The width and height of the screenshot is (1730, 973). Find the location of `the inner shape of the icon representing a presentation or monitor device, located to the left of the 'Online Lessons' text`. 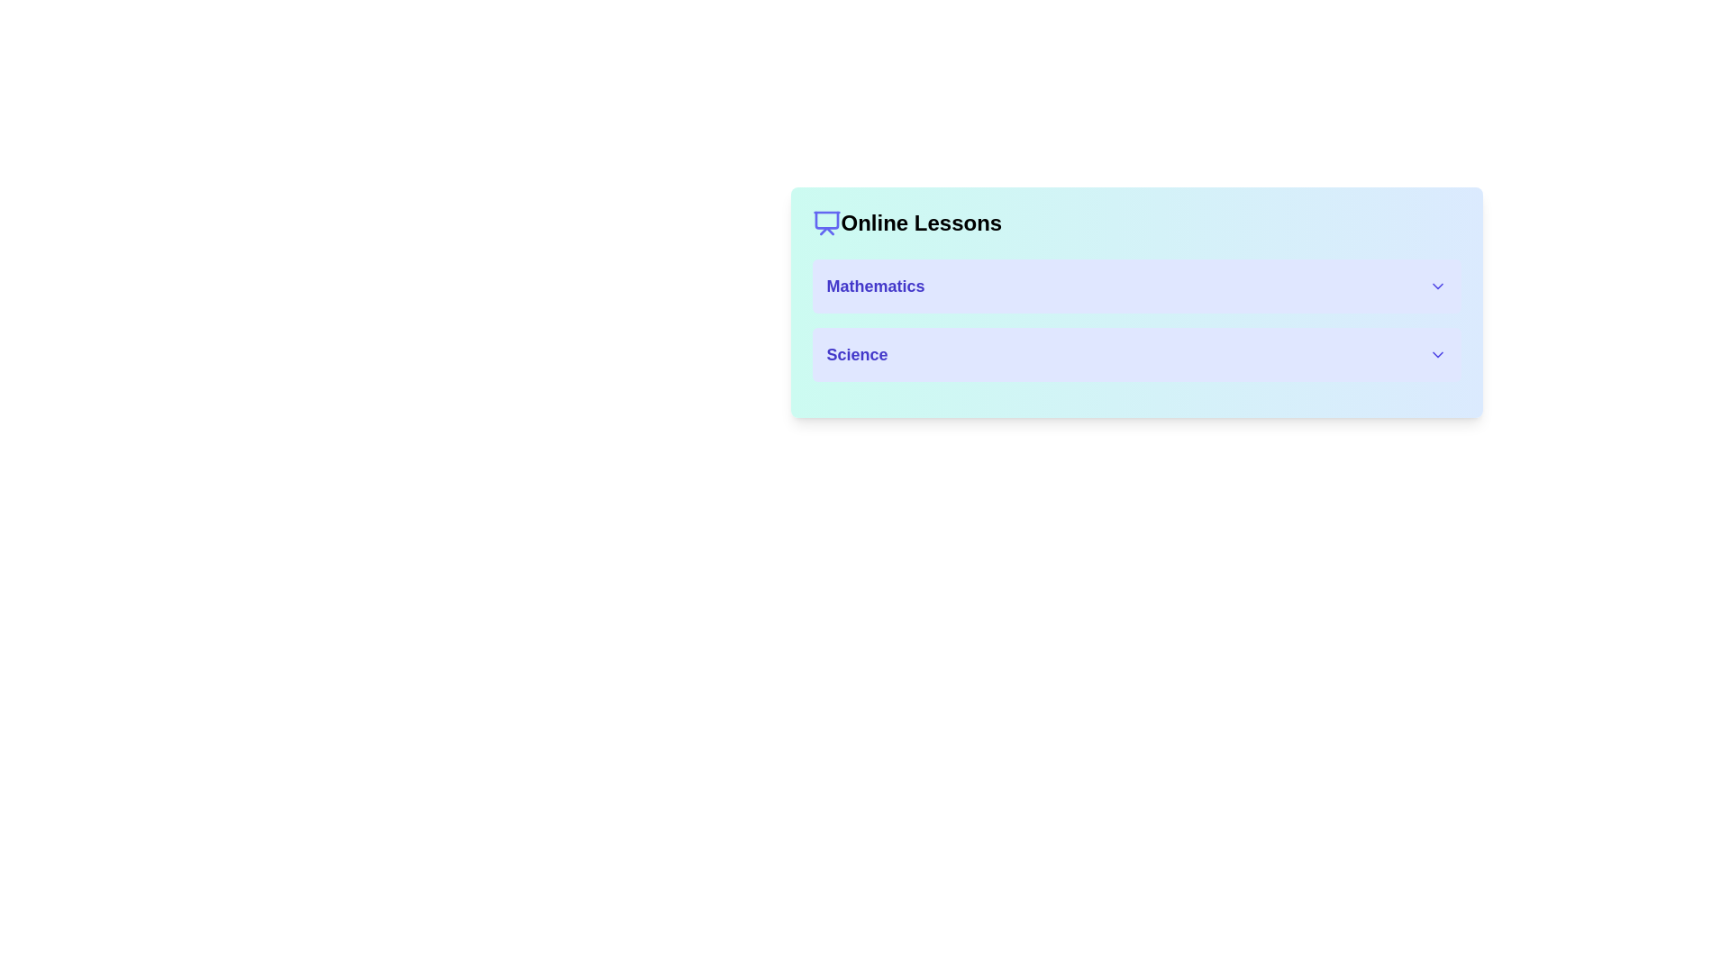

the inner shape of the icon representing a presentation or monitor device, located to the left of the 'Online Lessons' text is located at coordinates (825, 219).